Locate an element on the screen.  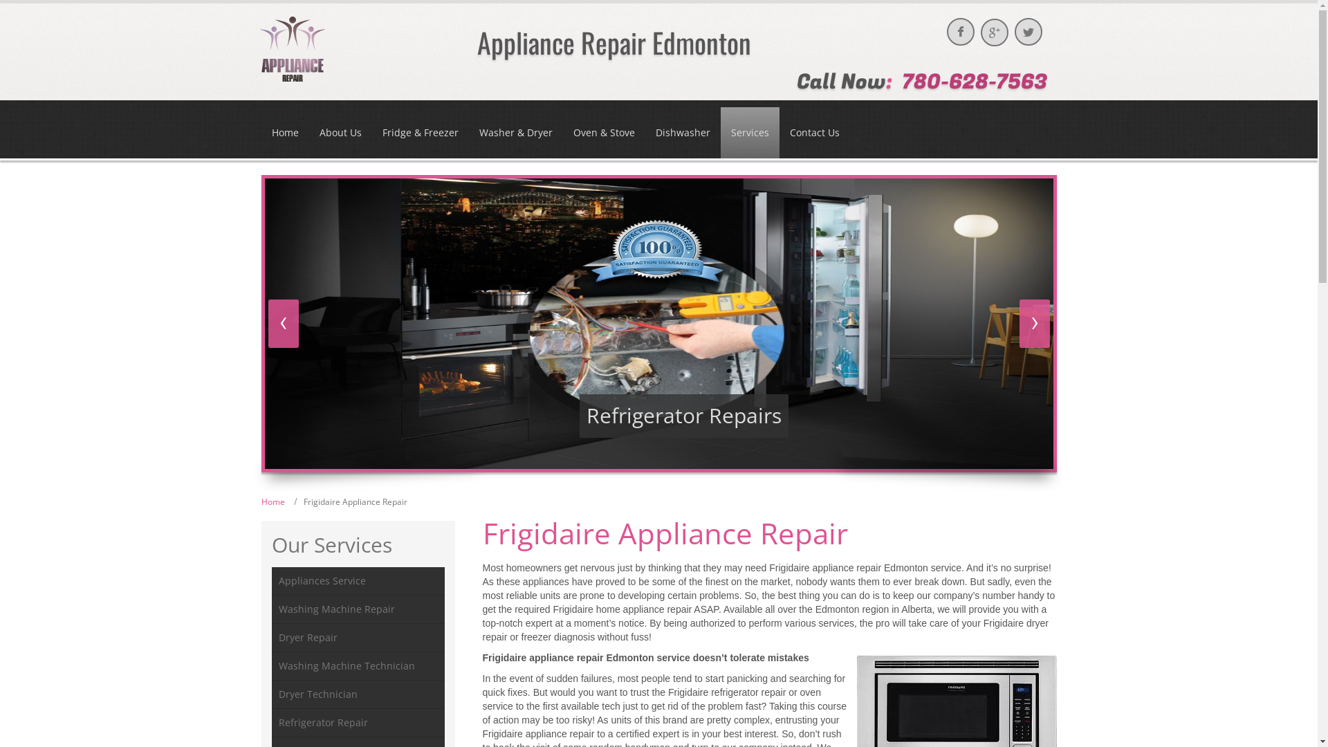
'Washing Machine Technician' is located at coordinates (358, 665).